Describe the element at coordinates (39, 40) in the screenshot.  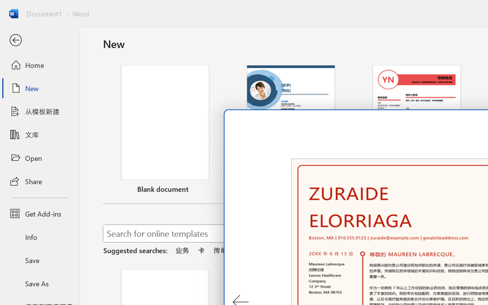
I see `'Back'` at that location.